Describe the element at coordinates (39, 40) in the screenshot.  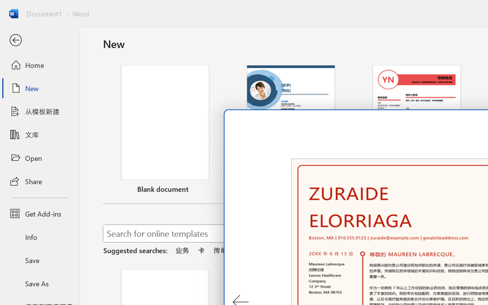
I see `'Back'` at that location.